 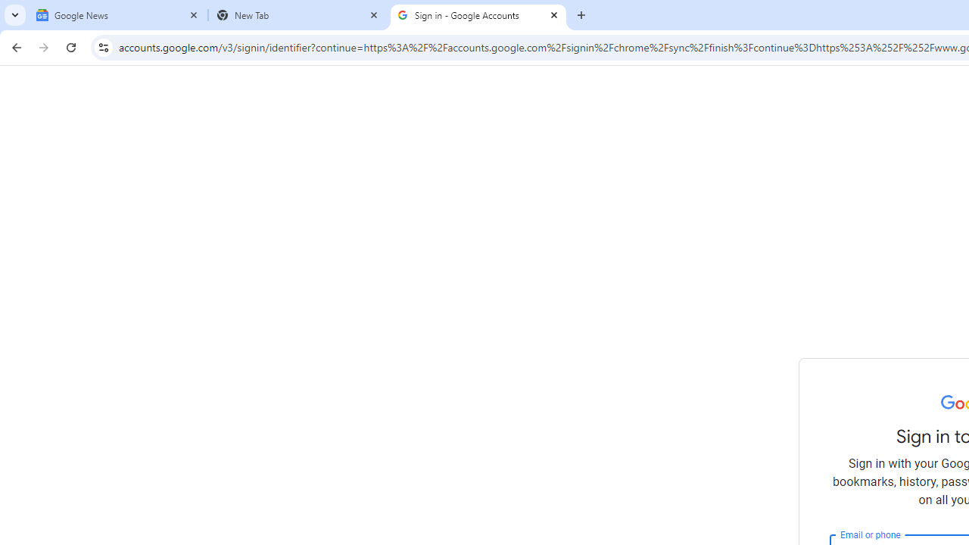 I want to click on 'Sign in - Google Accounts', so click(x=478, y=15).